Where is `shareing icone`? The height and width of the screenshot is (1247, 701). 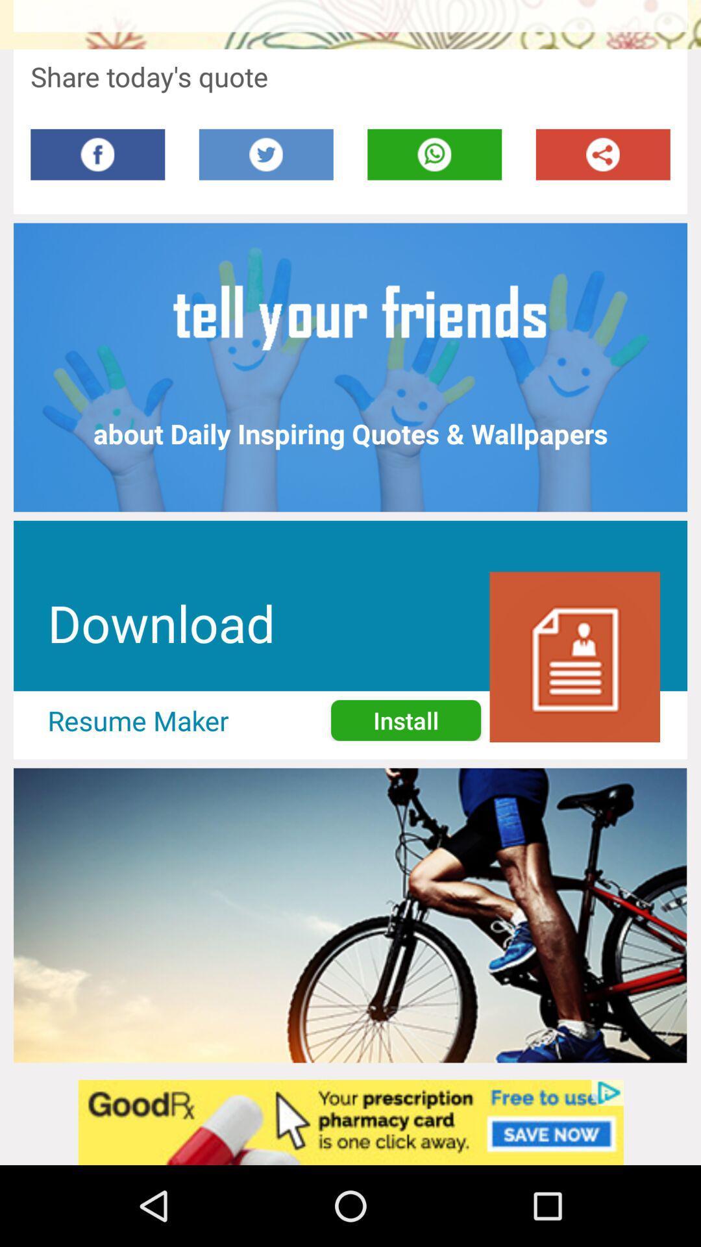 shareing icone is located at coordinates (603, 155).